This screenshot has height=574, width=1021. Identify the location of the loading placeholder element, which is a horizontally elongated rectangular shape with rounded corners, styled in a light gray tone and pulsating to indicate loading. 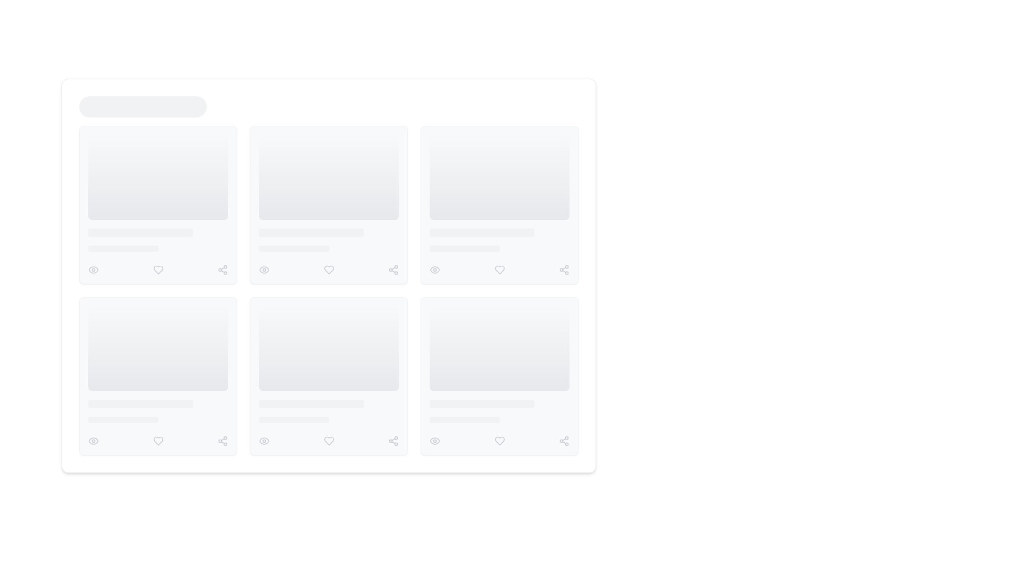
(142, 106).